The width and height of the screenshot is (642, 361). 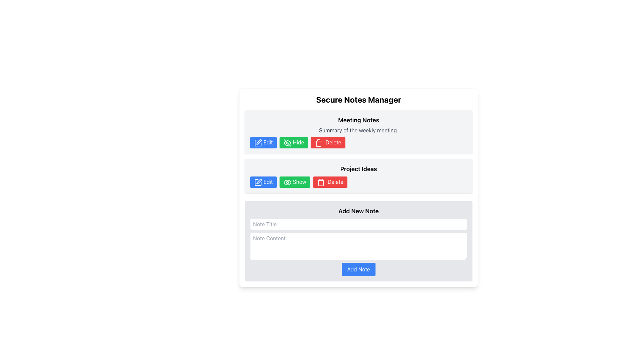 I want to click on the trash icon with a red background, which is part of the 'Delete' button located to the right of the Edit and Hide/Show buttons in the action panel, so click(x=320, y=182).